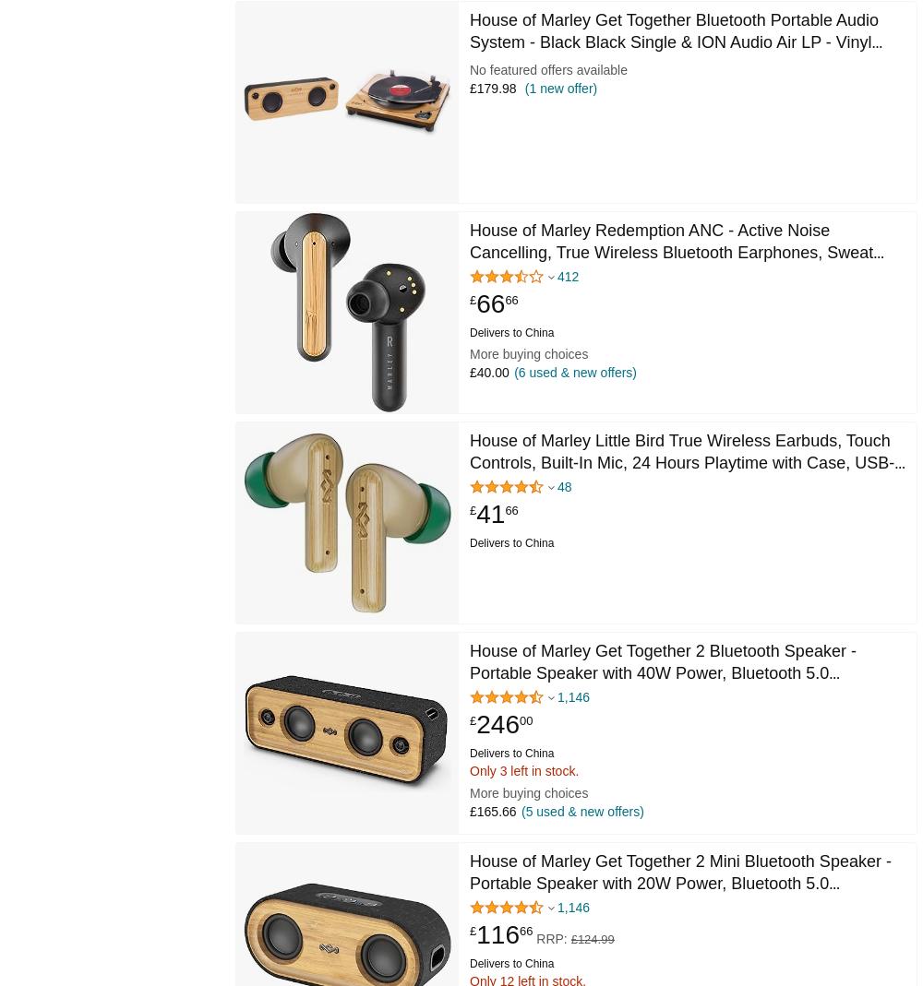 Image resolution: width=923 pixels, height=986 pixels. I want to click on 'House of Marley Get Together 2 Bluetooth Speaker - Portable Speaker with 40W Power, Bluetooth 5.0 Technology, 30-Metre Range & 20H Playtime - Speaker with Sustainable Materials', so click(672, 683).